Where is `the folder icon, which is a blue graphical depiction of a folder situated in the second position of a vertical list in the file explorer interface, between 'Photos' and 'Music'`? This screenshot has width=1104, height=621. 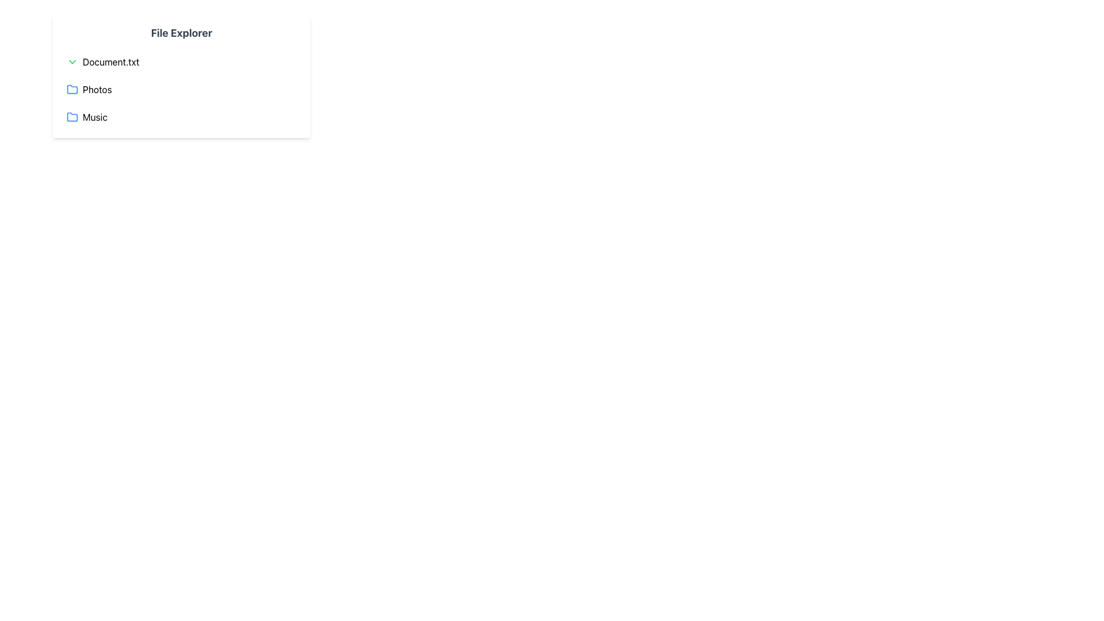
the folder icon, which is a blue graphical depiction of a folder situated in the second position of a vertical list in the file explorer interface, between 'Photos' and 'Music' is located at coordinates (71, 89).